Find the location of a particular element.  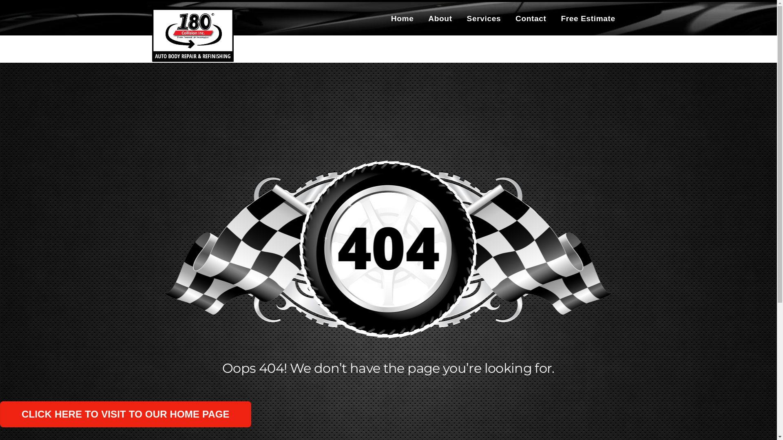

'Free Estimate' is located at coordinates (588, 18).